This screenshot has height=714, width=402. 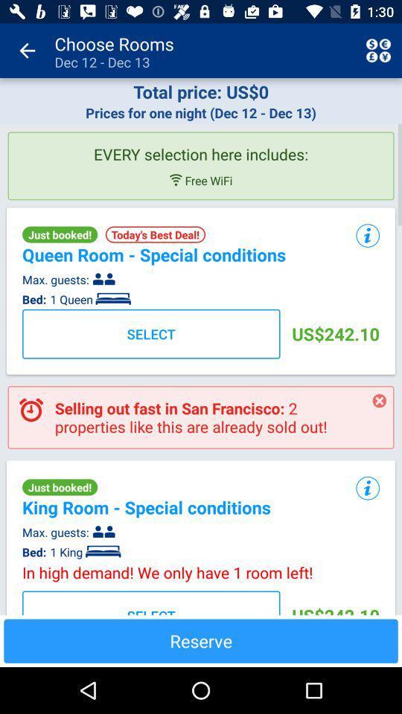 What do you see at coordinates (27, 51) in the screenshot?
I see `app above total price us` at bounding box center [27, 51].